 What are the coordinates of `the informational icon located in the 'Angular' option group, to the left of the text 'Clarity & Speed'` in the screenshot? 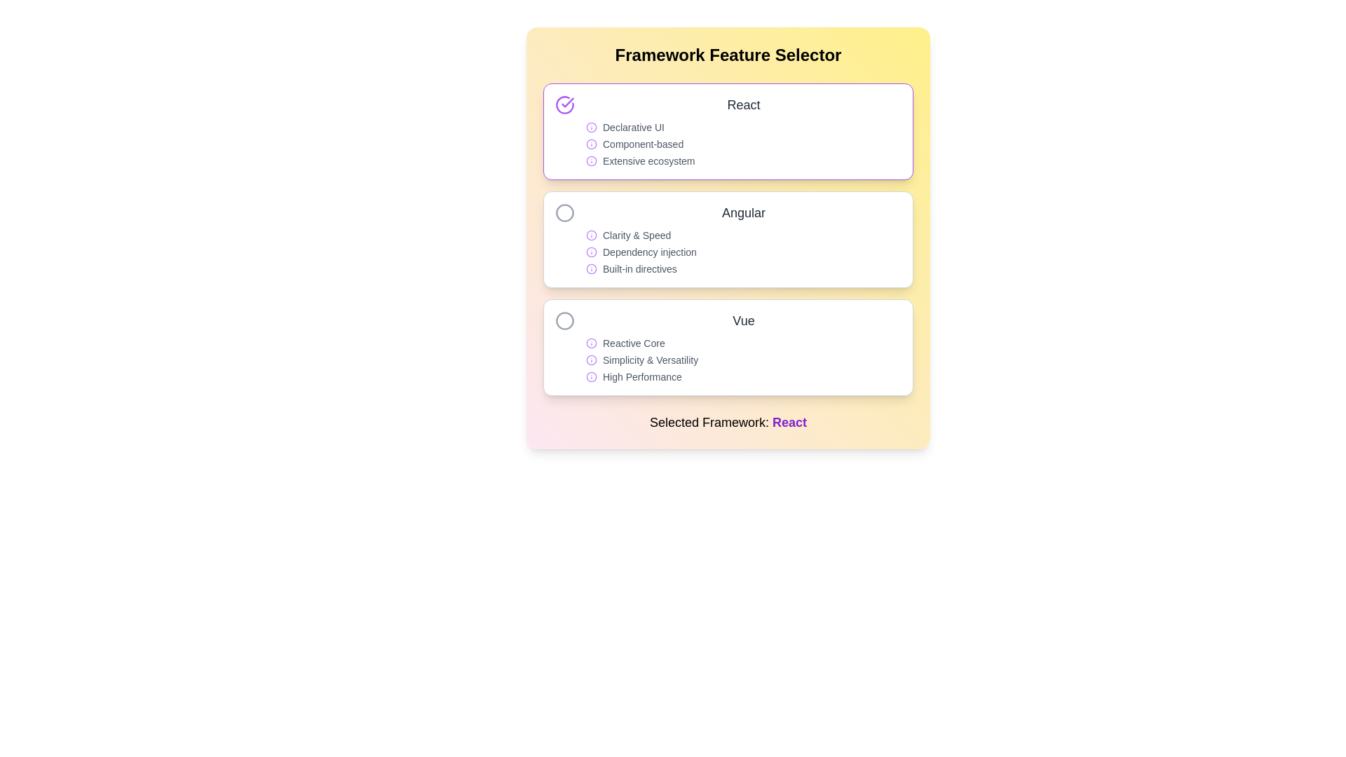 It's located at (592, 234).